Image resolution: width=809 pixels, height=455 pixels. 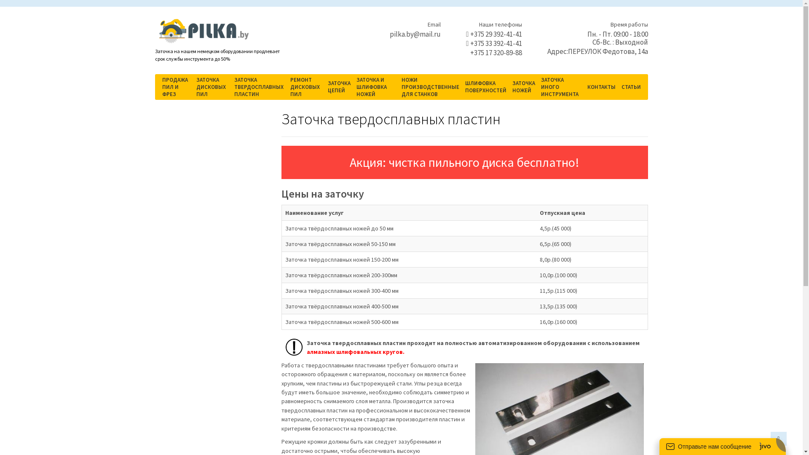 What do you see at coordinates (389, 34) in the screenshot?
I see `'pilka.by@mail.ru'` at bounding box center [389, 34].